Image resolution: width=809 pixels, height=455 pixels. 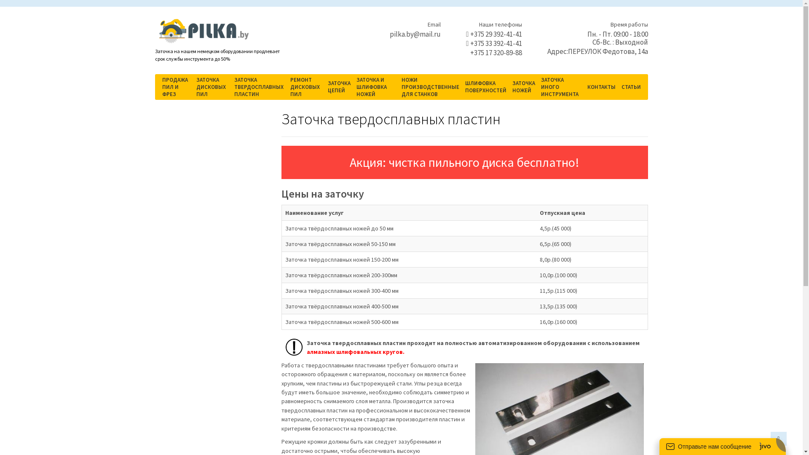 What do you see at coordinates (389, 34) in the screenshot?
I see `'pilka.by@mail.ru'` at bounding box center [389, 34].